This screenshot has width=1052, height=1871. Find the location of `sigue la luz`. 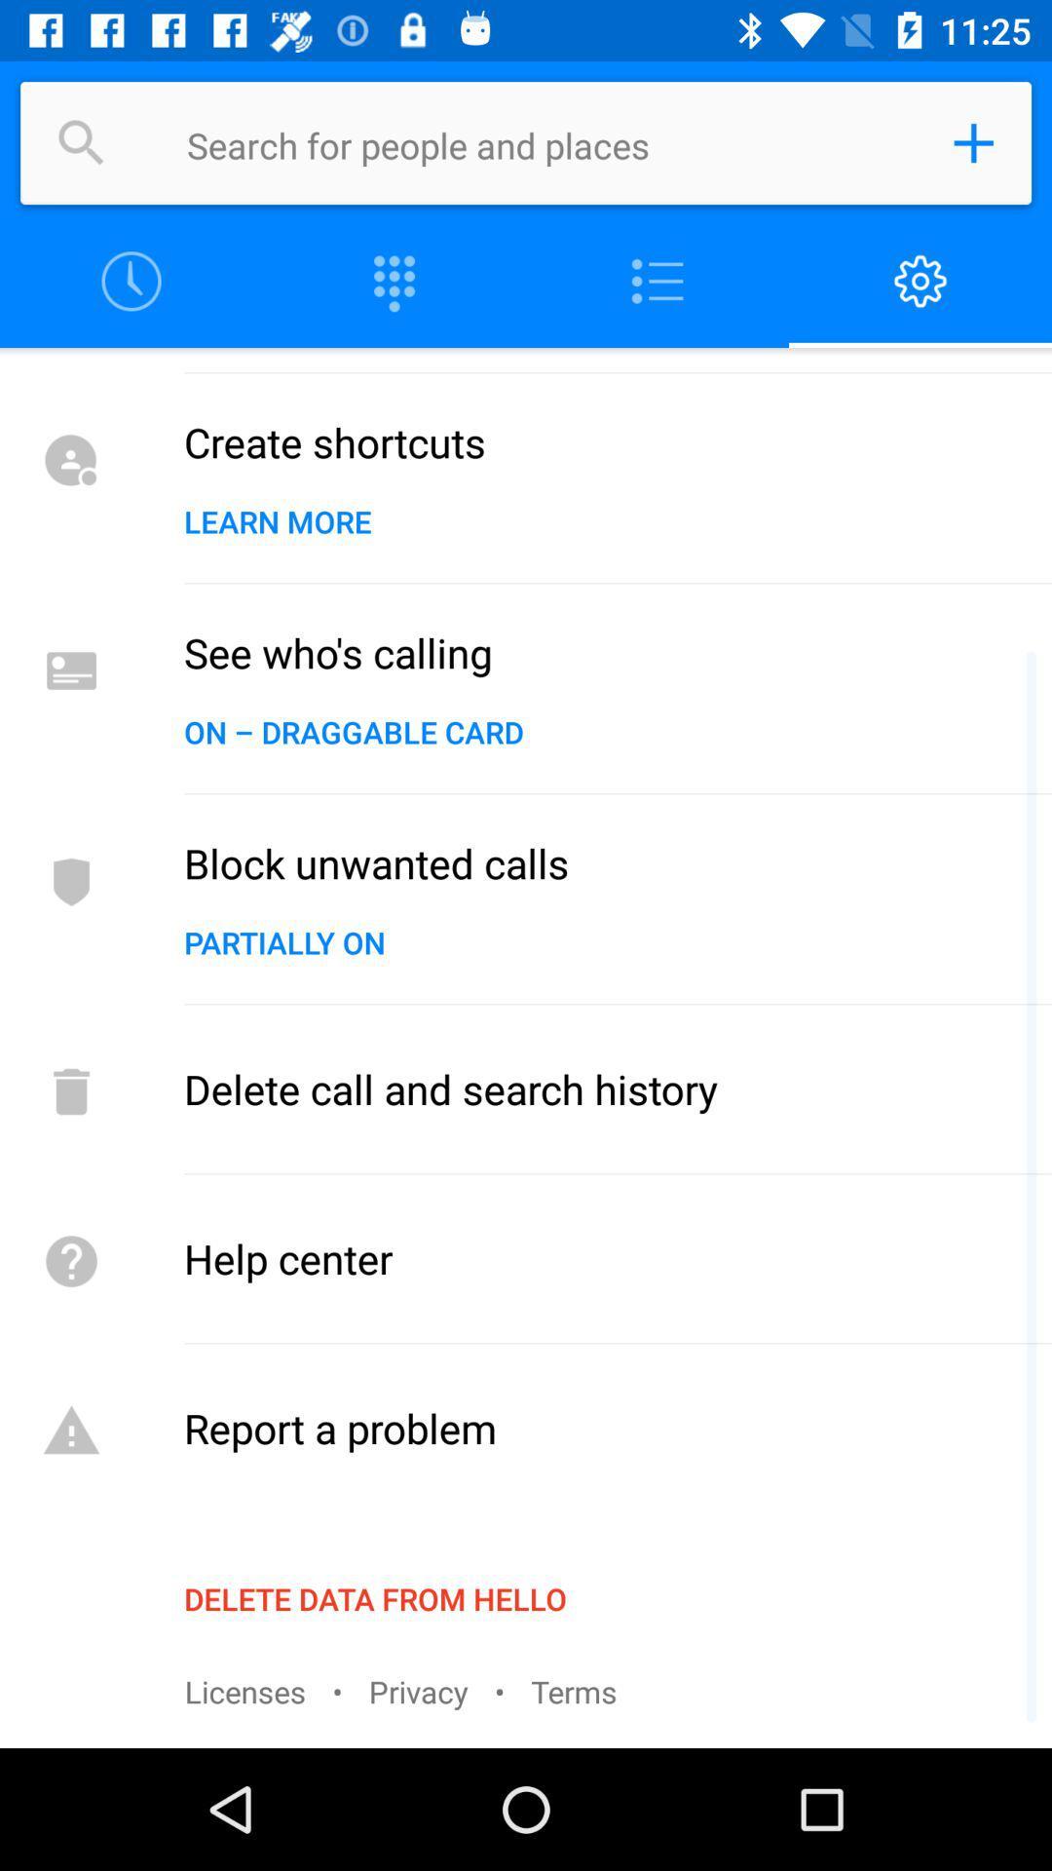

sigue la luz is located at coordinates (657, 281).